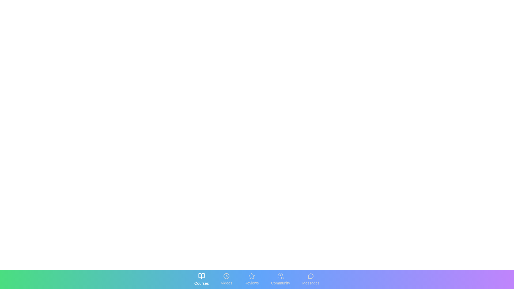 The width and height of the screenshot is (514, 289). What do you see at coordinates (251, 279) in the screenshot?
I see `the tab labeled Reviews` at bounding box center [251, 279].